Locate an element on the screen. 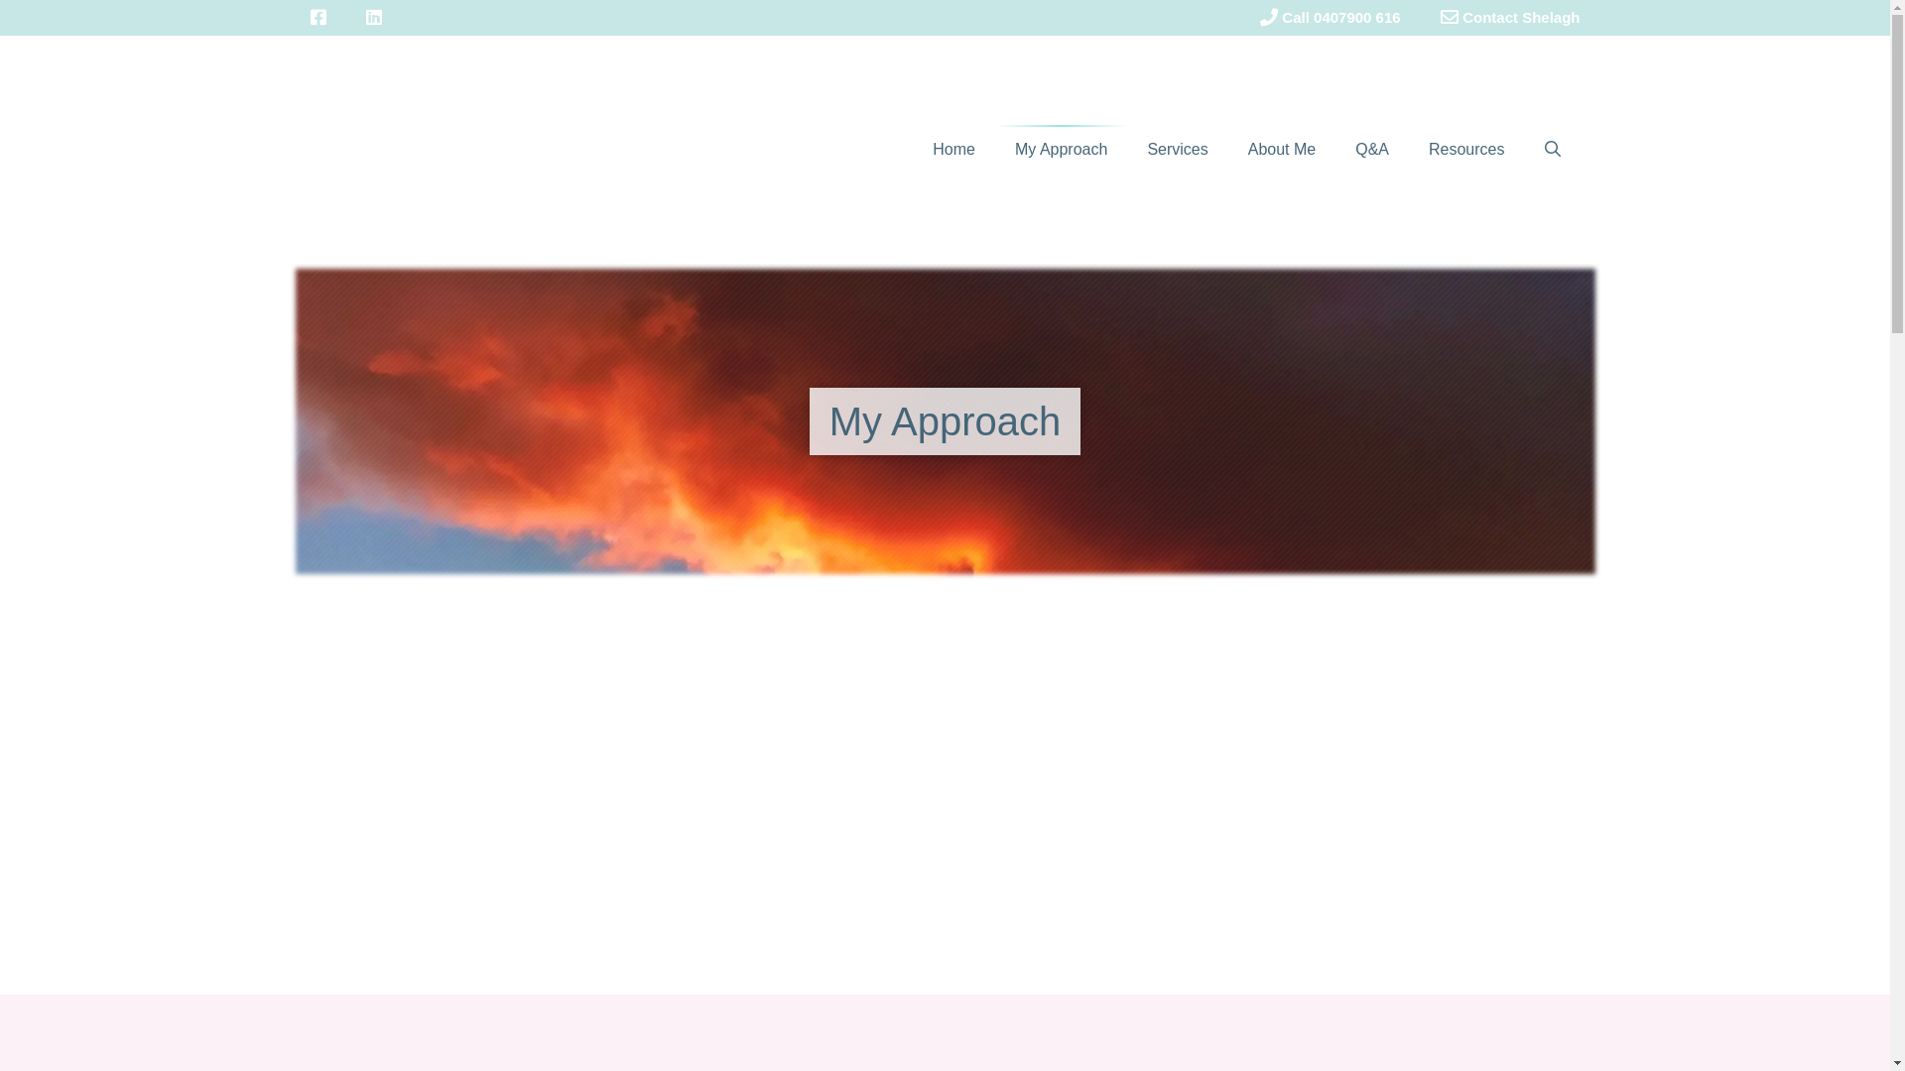 The image size is (1905, 1071). 'Services' is located at coordinates (1177, 148).